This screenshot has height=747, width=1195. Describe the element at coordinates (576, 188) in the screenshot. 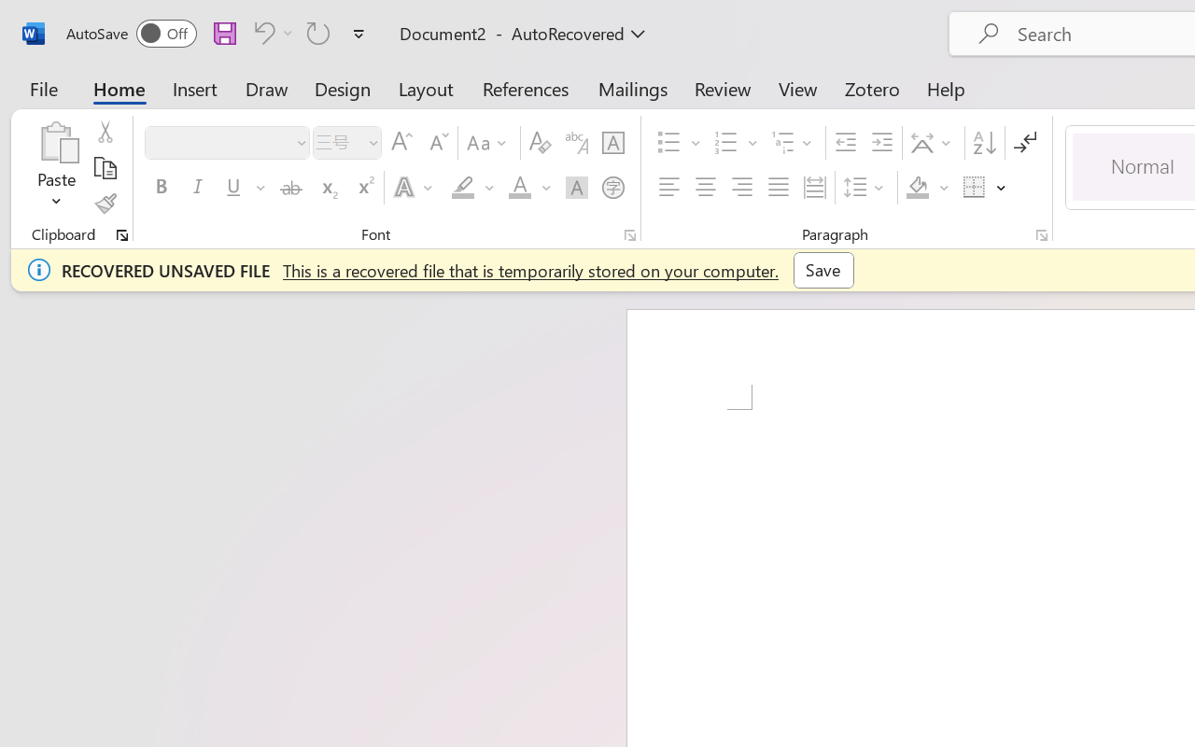

I see `'Character Shading'` at that location.